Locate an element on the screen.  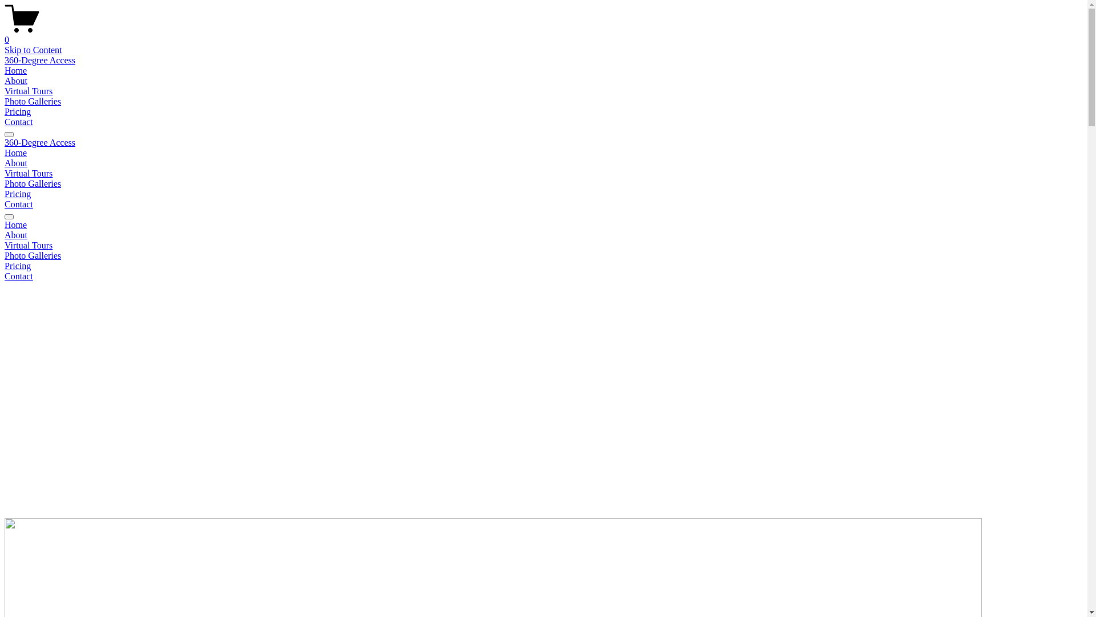
'About' is located at coordinates (543, 235).